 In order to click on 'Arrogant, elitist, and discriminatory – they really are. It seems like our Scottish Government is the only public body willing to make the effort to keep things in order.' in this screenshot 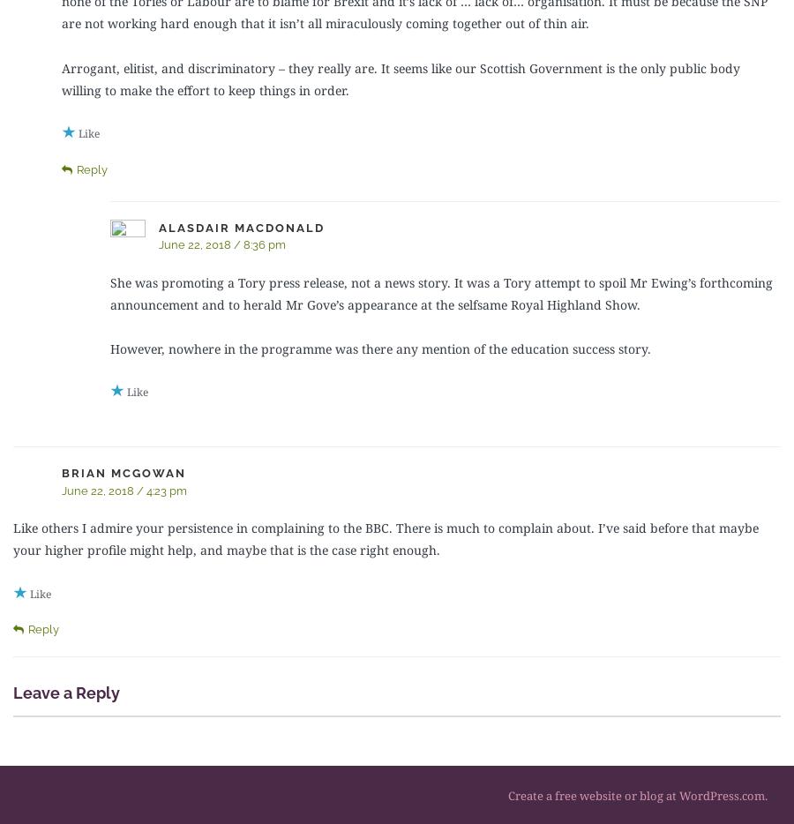, I will do `click(400, 79)`.